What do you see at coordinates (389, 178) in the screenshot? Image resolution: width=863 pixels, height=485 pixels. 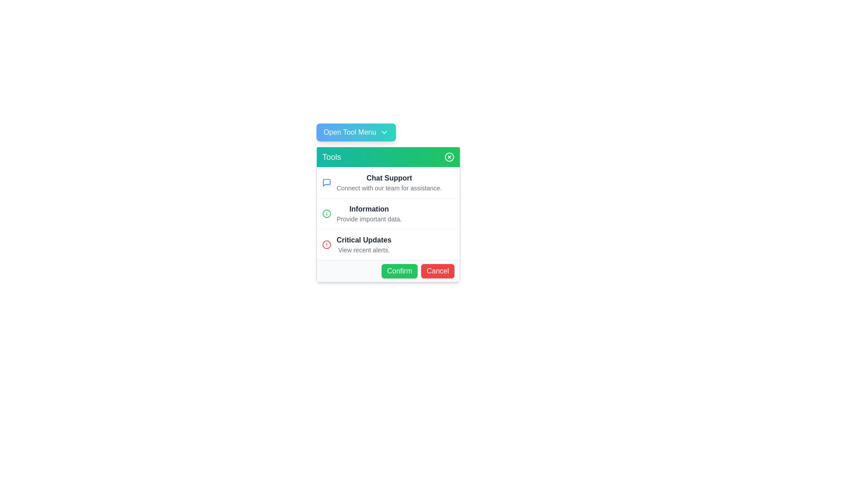 I see `the bold, dark gray text label displaying 'Chat Support' located at the top of the 'Tools' dialog box` at bounding box center [389, 178].